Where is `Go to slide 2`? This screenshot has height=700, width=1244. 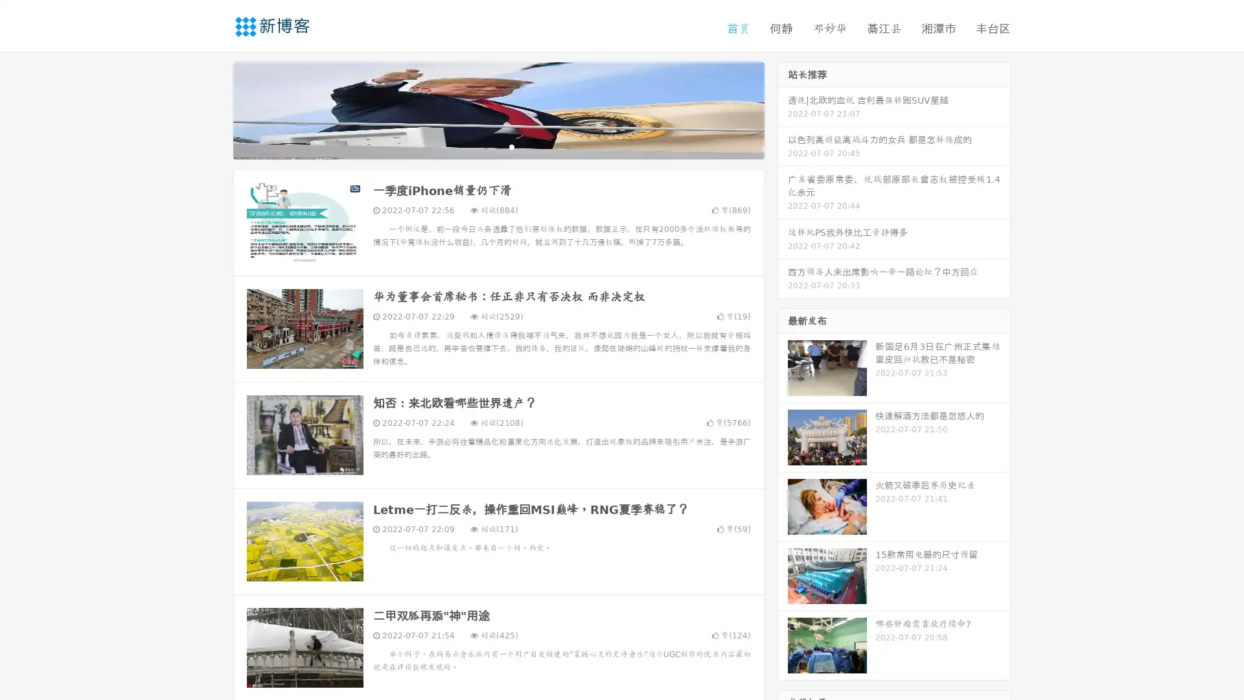
Go to slide 2 is located at coordinates (498, 146).